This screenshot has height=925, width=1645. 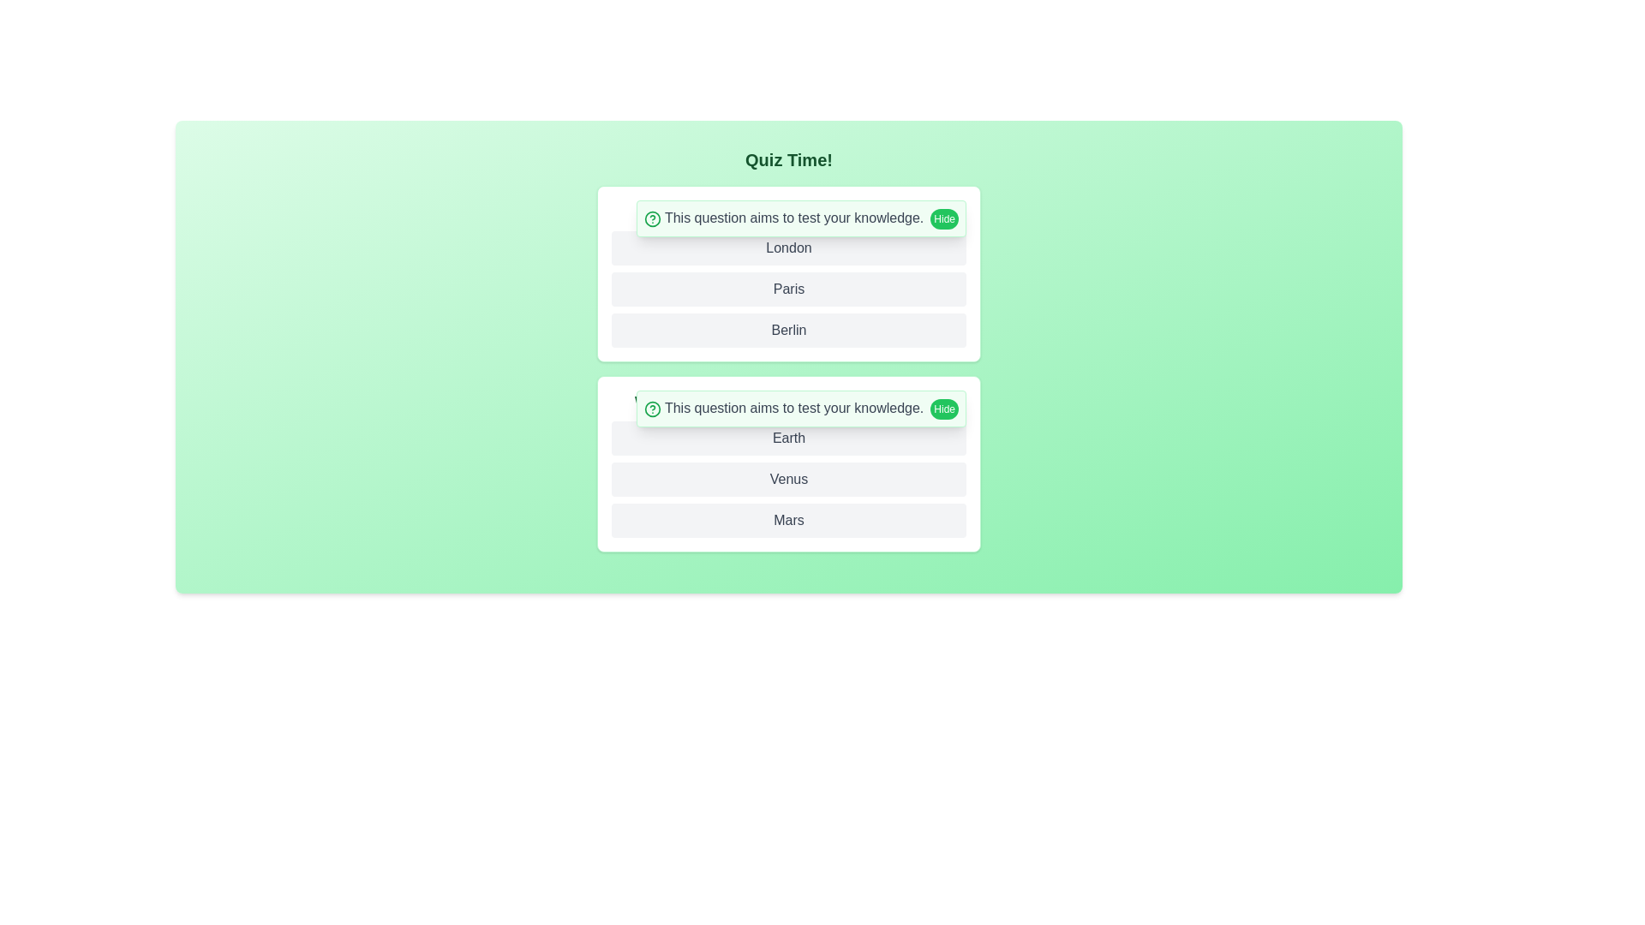 I want to click on the circular icon located within the green section, which is positioned to the left of the text 'This question aims to test your knowledge.', so click(x=651, y=409).